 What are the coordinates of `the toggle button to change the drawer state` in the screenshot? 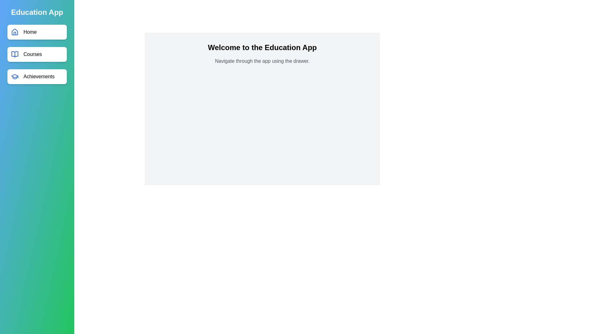 It's located at (12, 12).